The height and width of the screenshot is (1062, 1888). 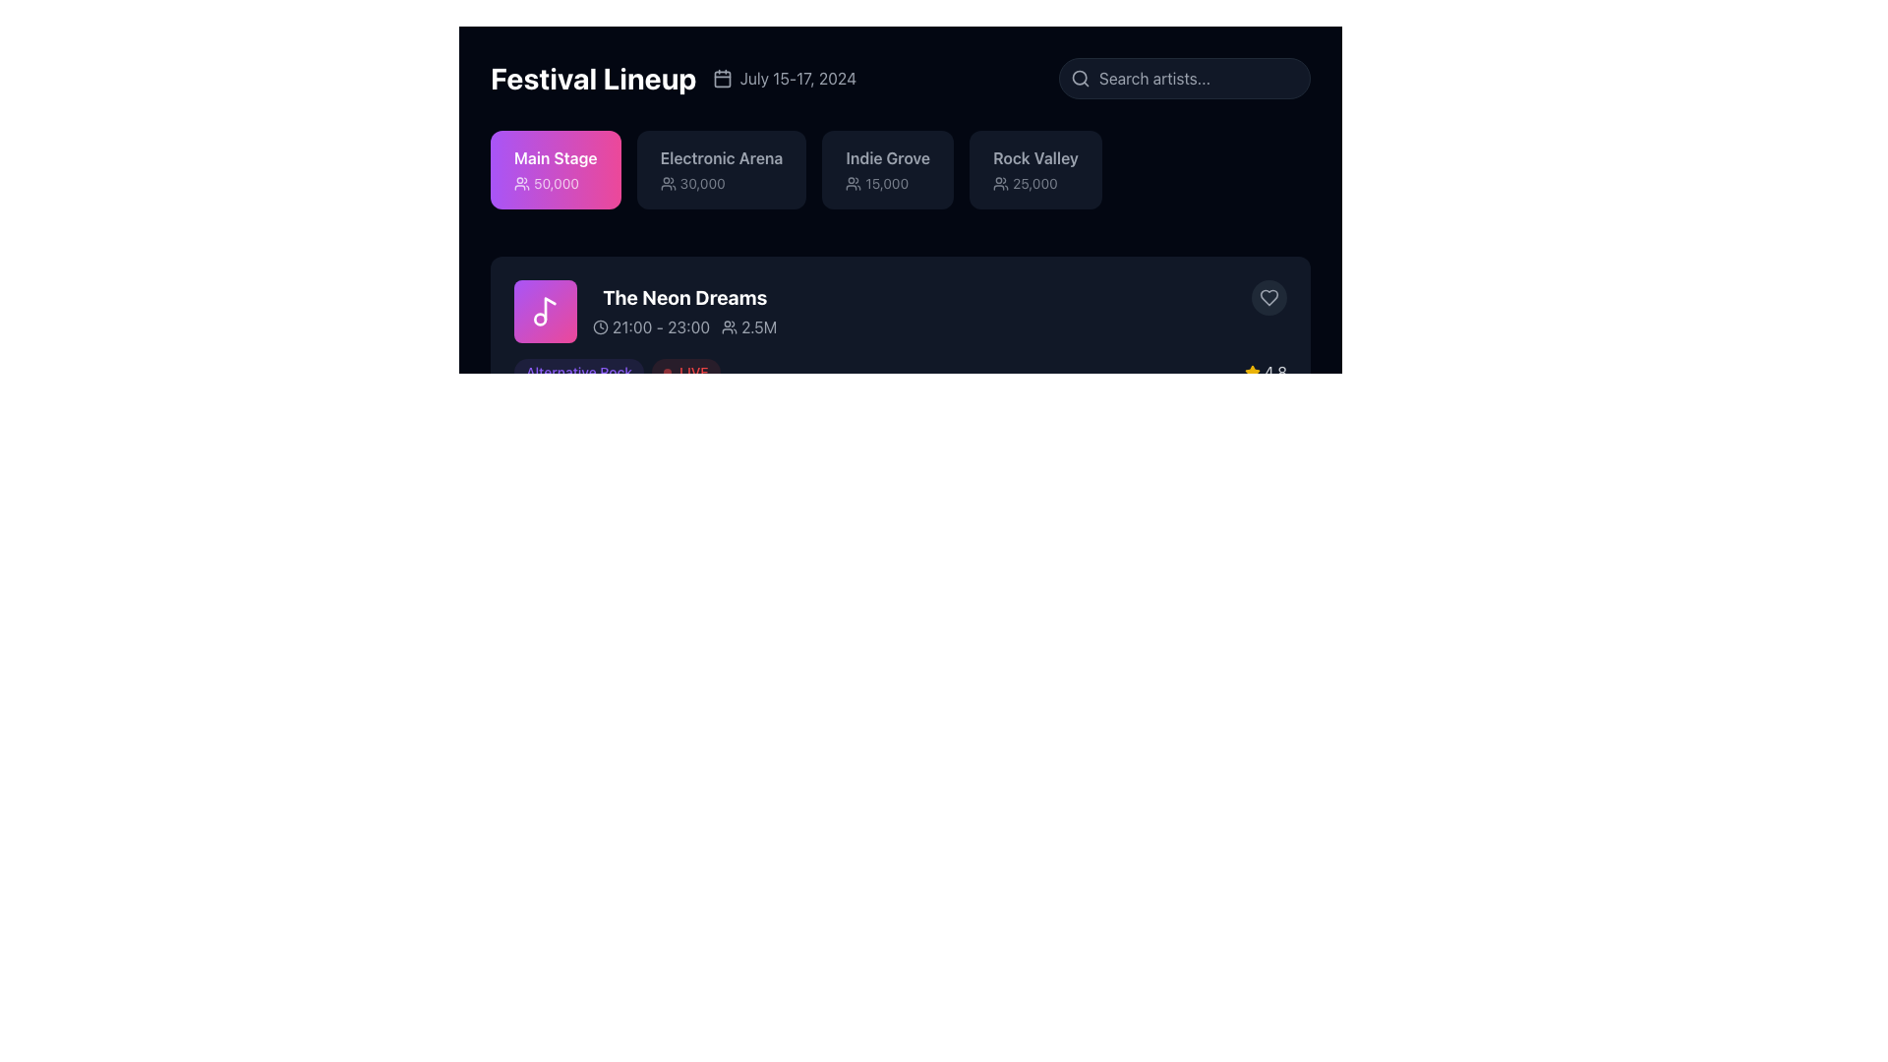 I want to click on the label indicating the live status of 'The Neon Dreams' event, positioned to the right of the 'Alternative Rock' label, so click(x=685, y=372).